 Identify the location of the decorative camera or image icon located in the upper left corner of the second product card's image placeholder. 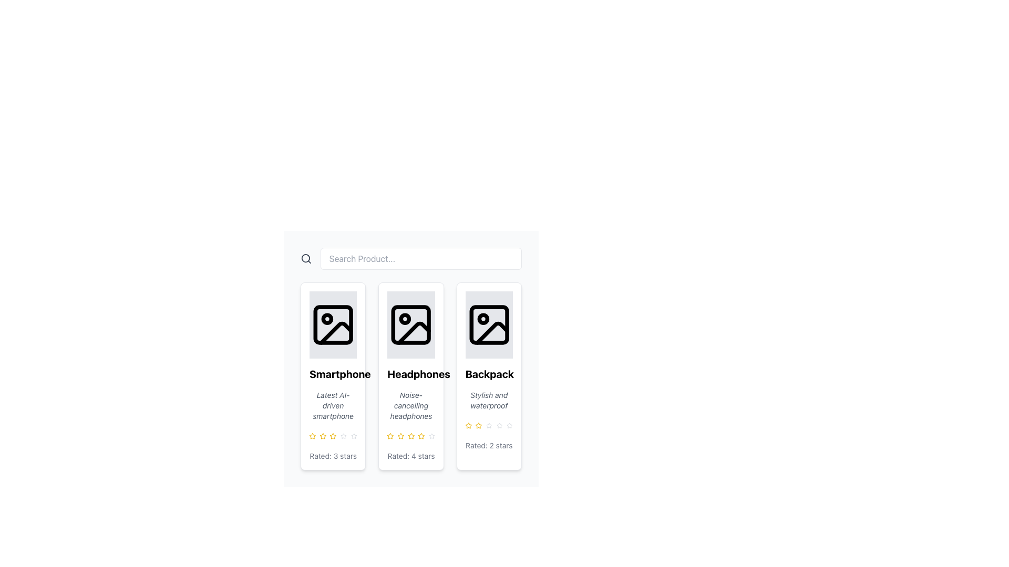
(405, 318).